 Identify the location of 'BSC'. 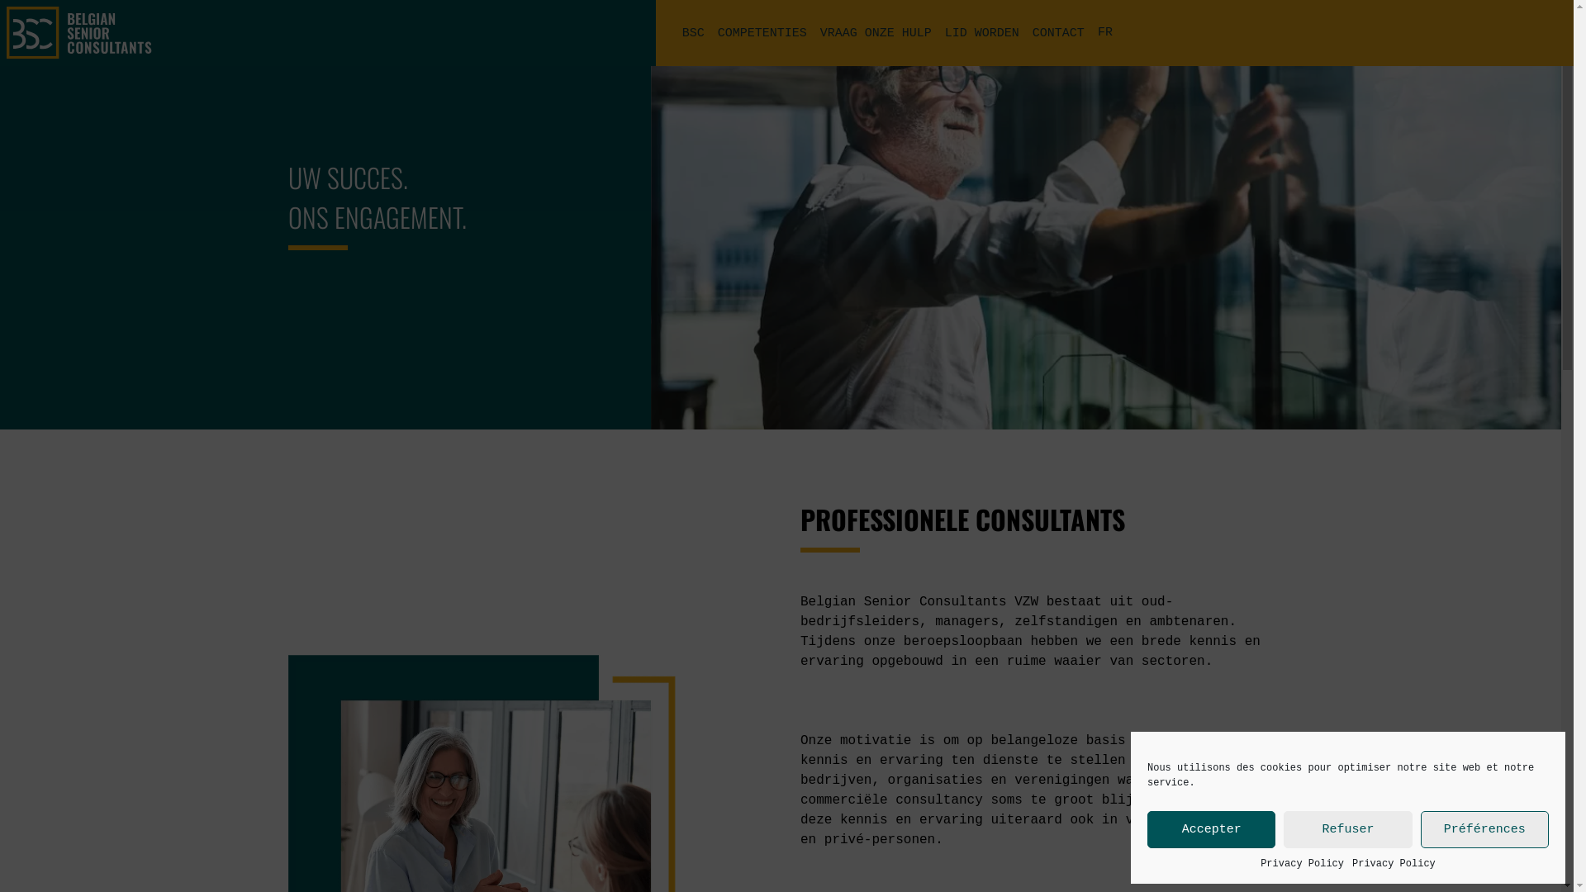
(693, 33).